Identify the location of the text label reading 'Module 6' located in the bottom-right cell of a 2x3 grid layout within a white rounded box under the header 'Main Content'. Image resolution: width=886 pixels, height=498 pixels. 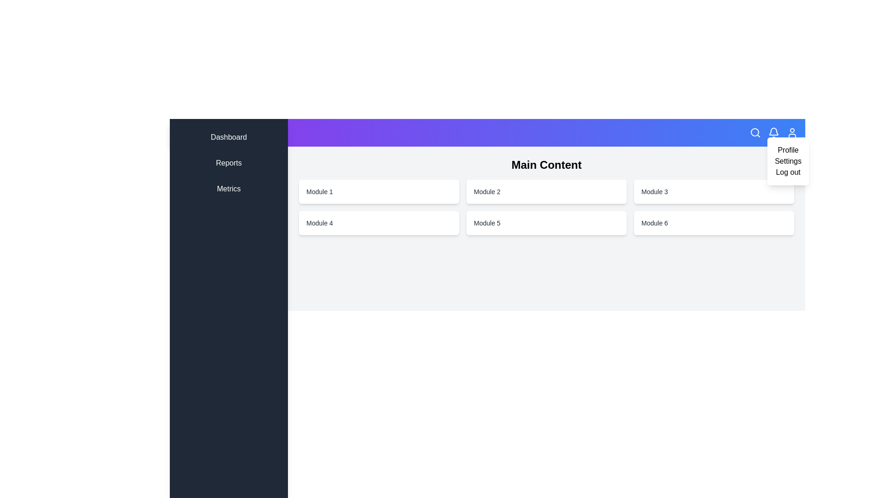
(654, 223).